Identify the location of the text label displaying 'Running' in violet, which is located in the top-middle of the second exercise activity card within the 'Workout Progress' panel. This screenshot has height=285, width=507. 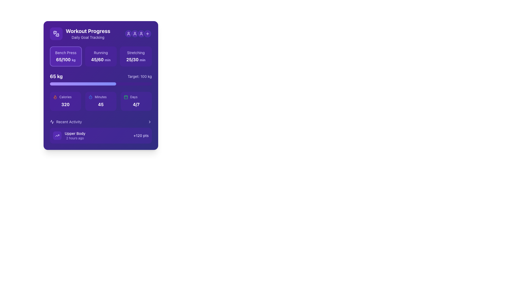
(101, 53).